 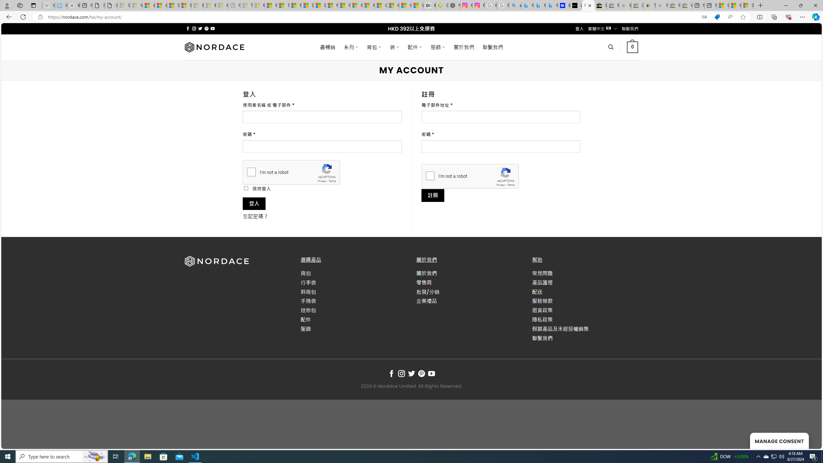 What do you see at coordinates (552, 5) in the screenshot?
I see `'Microsoft Bing Travel - Shangri-La Hotel Bangkok'` at bounding box center [552, 5].